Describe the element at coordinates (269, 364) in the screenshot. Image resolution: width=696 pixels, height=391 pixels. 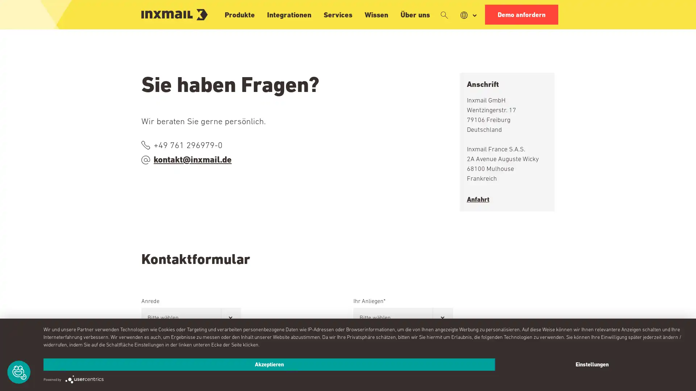
I see `Akzeptieren` at that location.